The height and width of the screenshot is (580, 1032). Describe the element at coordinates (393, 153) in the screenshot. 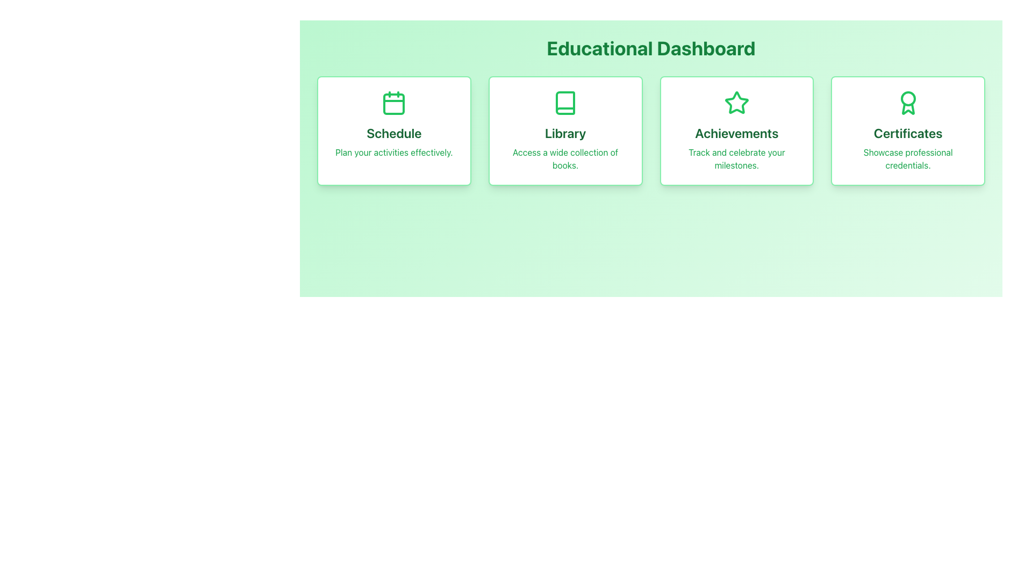

I see `the Text label providing additional information about the 'Schedule' card's functionality, located in the lower section of the 'Schedule' card on the dashboard` at that location.